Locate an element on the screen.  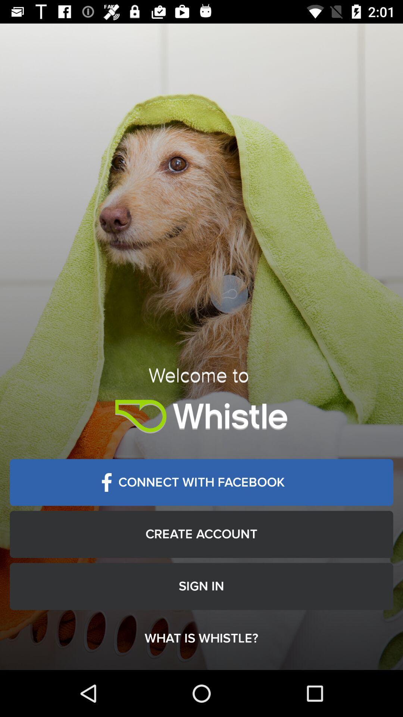
the item above sign in icon is located at coordinates (201, 534).